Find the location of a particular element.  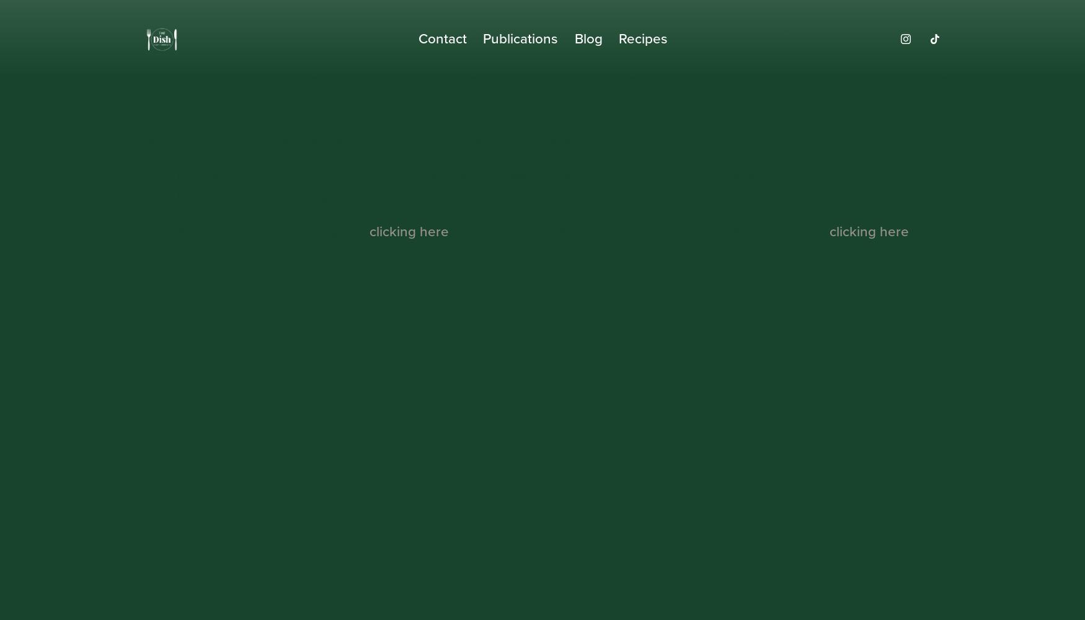

'.' is located at coordinates (910, 231).